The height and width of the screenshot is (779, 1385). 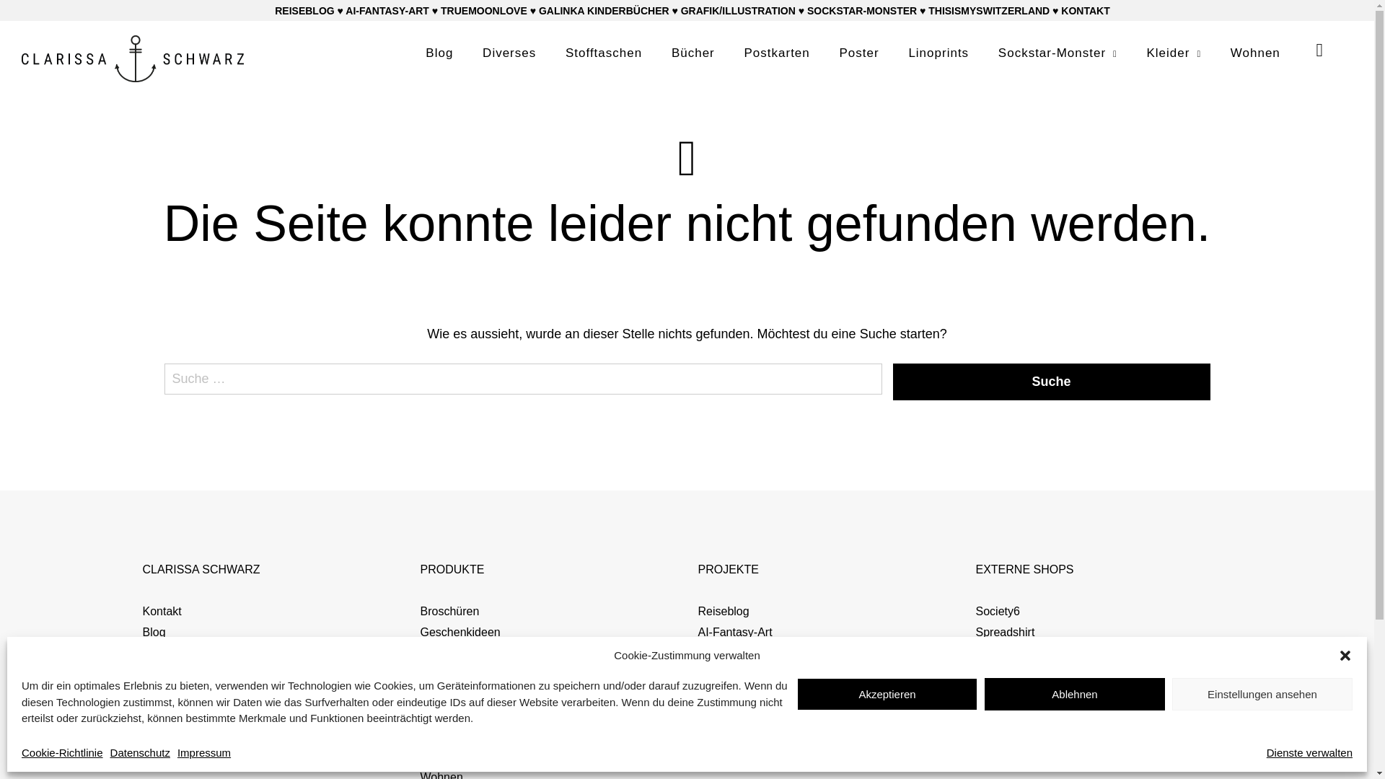 I want to click on 'Society6', so click(x=975, y=611).